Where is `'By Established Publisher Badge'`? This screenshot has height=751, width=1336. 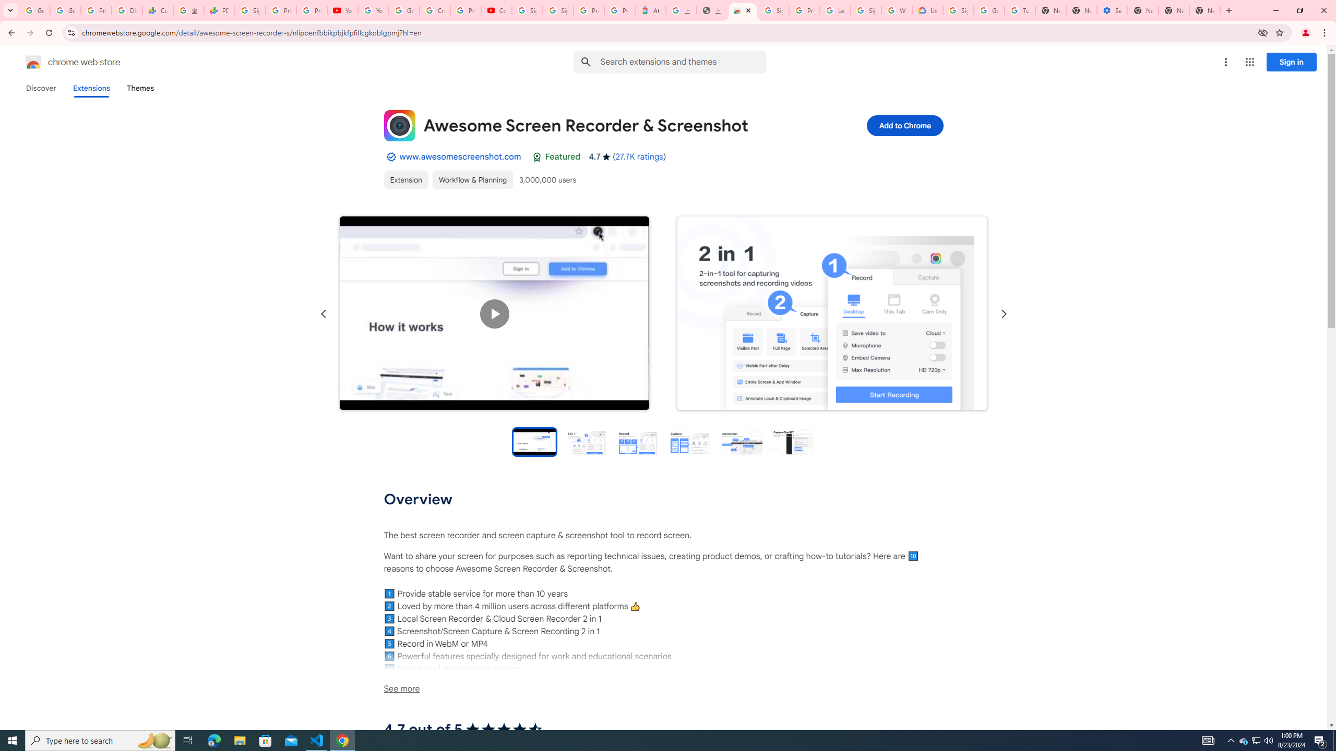
'By Established Publisher Badge' is located at coordinates (390, 156).